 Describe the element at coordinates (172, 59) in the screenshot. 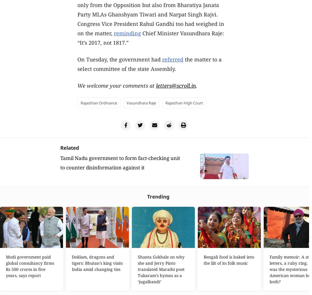

I see `'referred'` at that location.